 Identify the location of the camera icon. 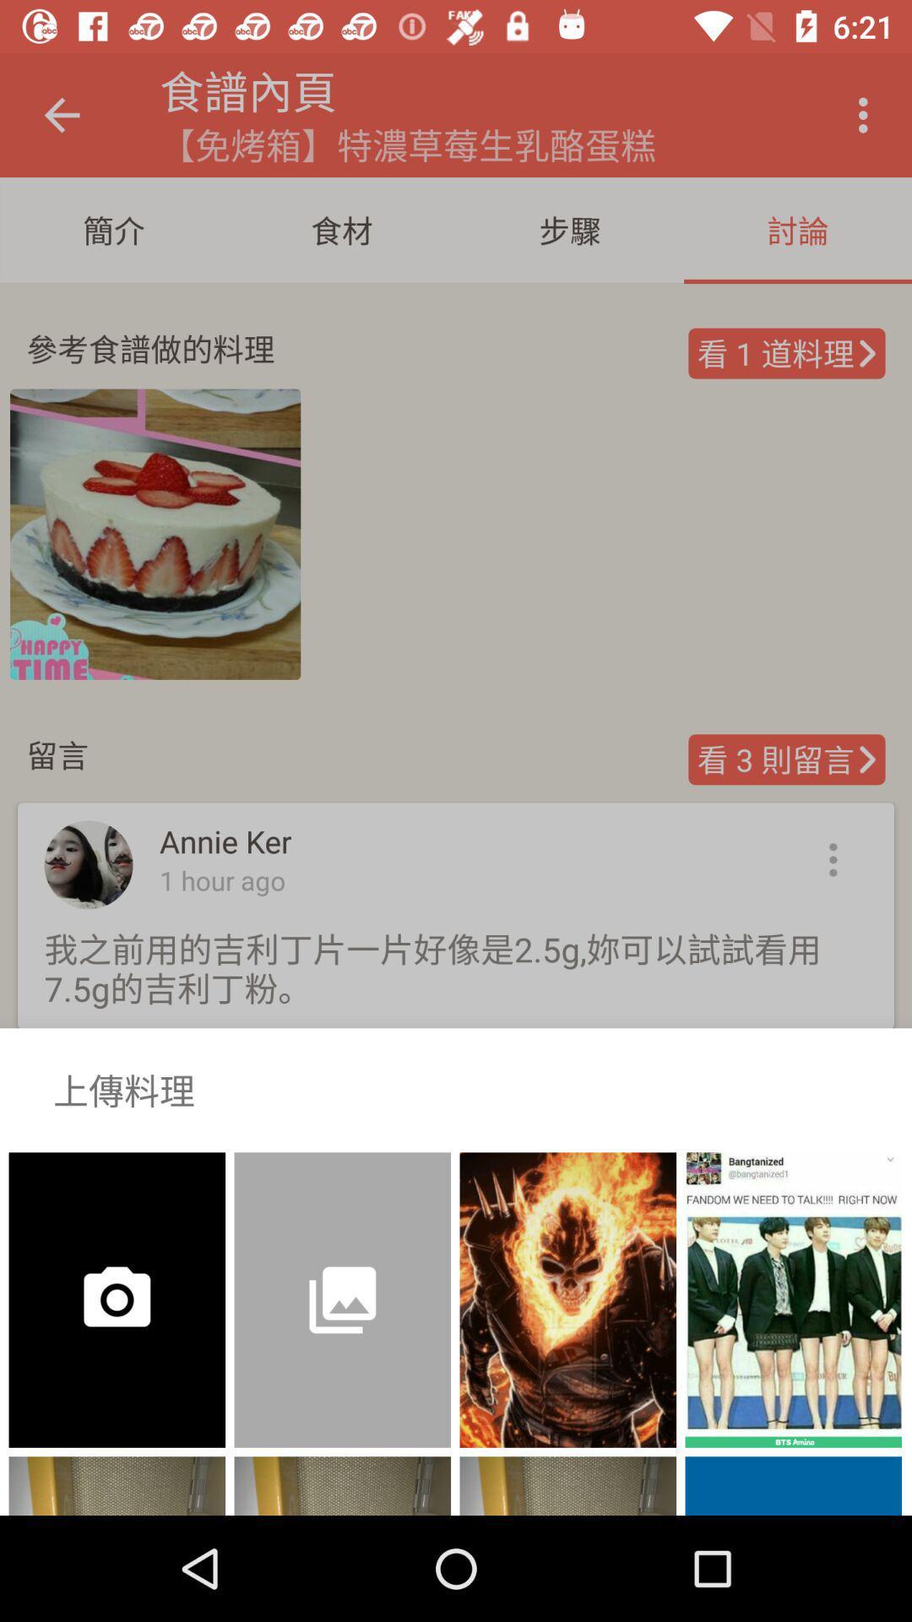
(89, 1287).